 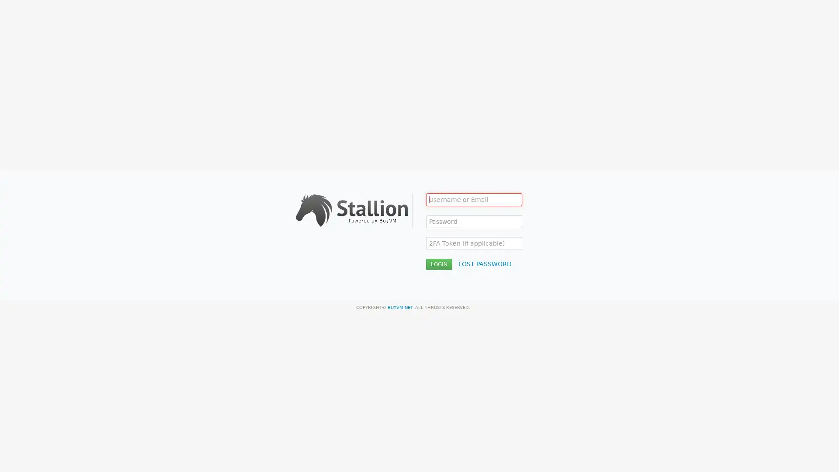 I want to click on LOGIN, so click(x=439, y=264).